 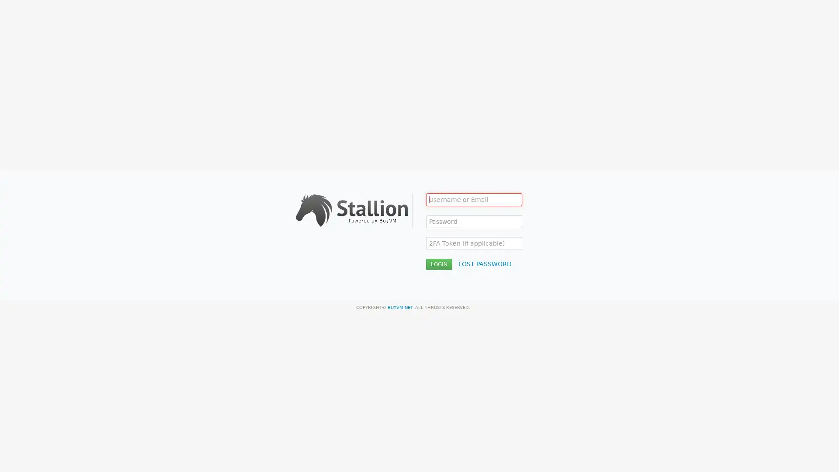 I want to click on LOGIN, so click(x=439, y=264).